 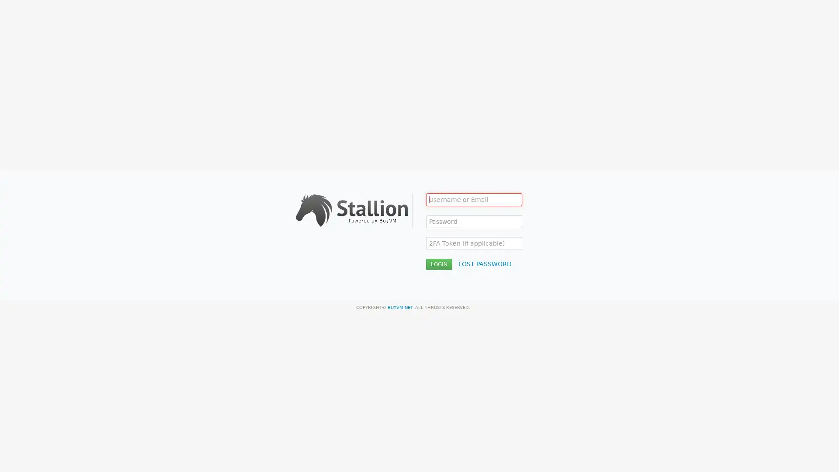 I want to click on LOGIN, so click(x=439, y=264).